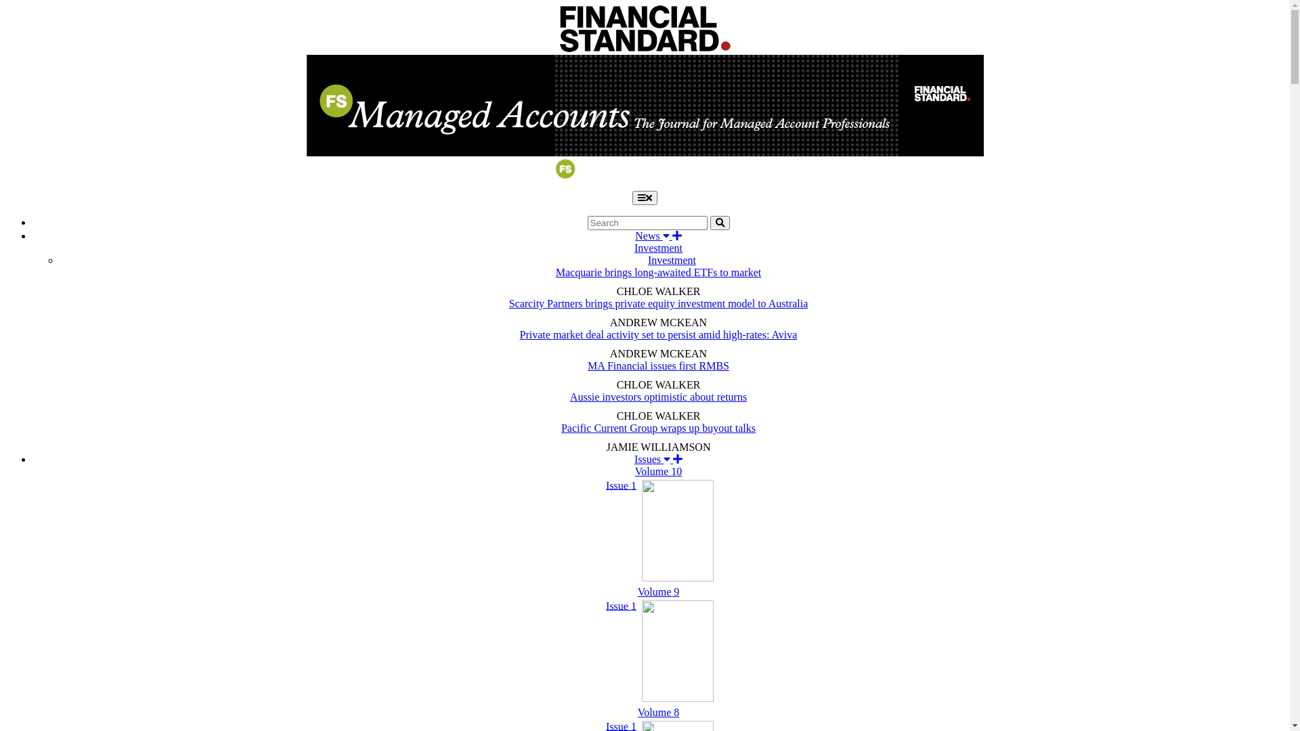 The width and height of the screenshot is (1300, 731). Describe the element at coordinates (658, 711) in the screenshot. I see `'Volume 8'` at that location.